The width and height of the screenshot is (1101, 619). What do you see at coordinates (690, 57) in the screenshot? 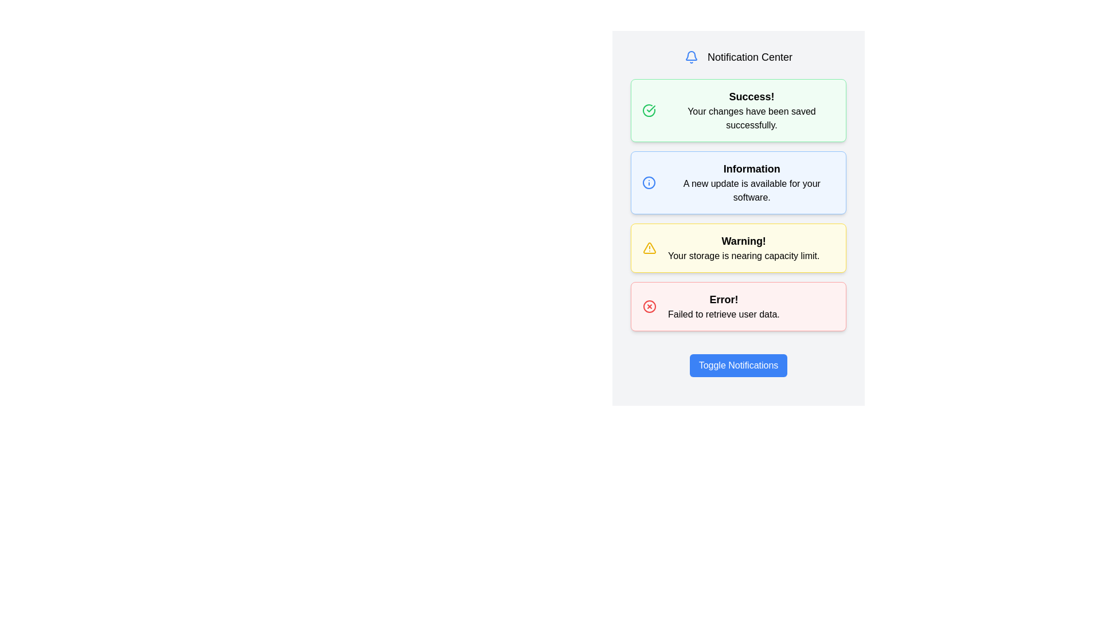
I see `the bell-shaped icon with a blue outline located to the left of the 'Notification Center' title in the header of the notification panel` at bounding box center [690, 57].